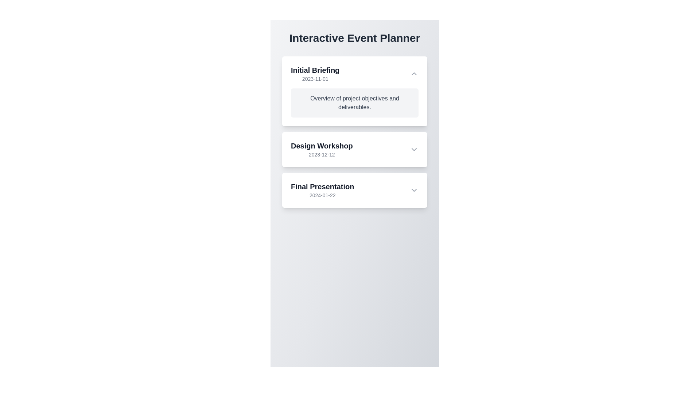 This screenshot has width=700, height=393. Describe the element at coordinates (322, 190) in the screenshot. I see `and understand the information displayed in the text label titled 'Final Presentation' with the date '2024-01-22', located within the third card of the 'Interactive Event Planner' section` at that location.